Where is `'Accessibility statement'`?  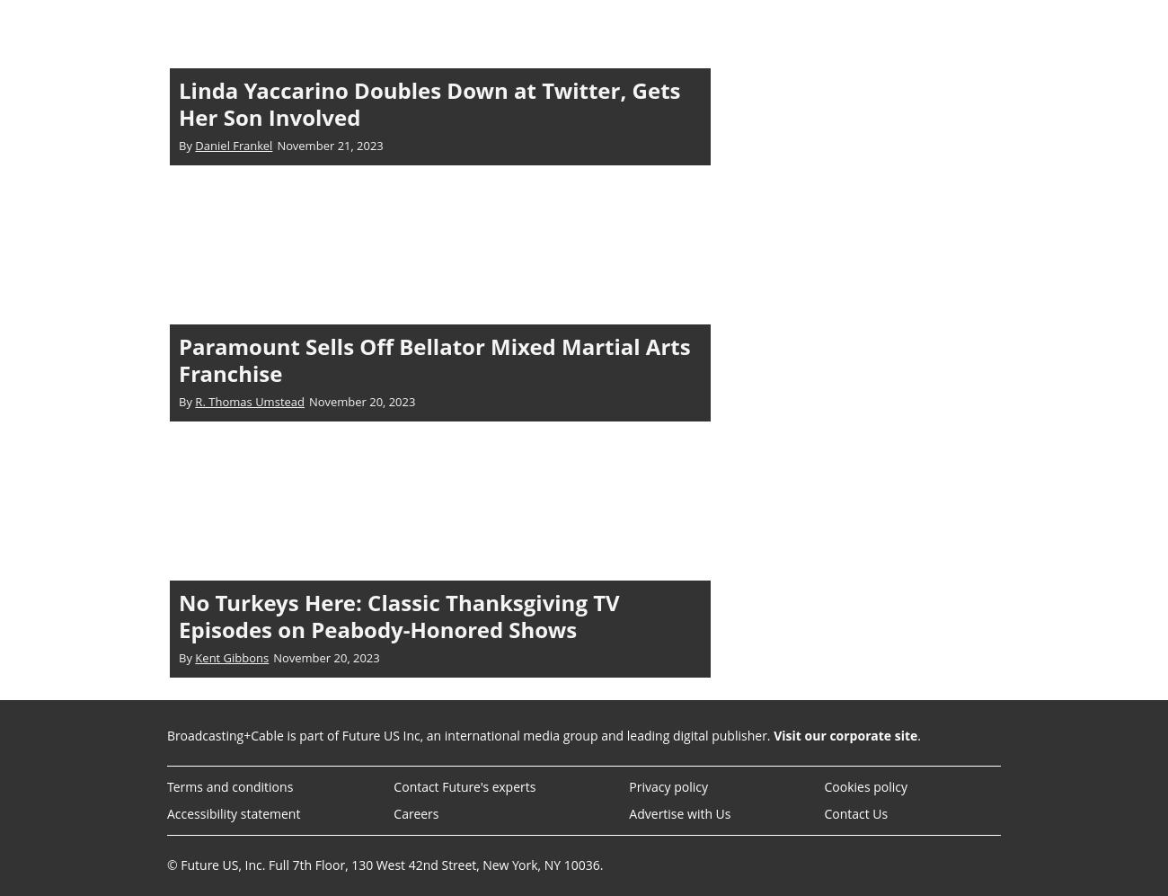
'Accessibility statement' is located at coordinates (233, 812).